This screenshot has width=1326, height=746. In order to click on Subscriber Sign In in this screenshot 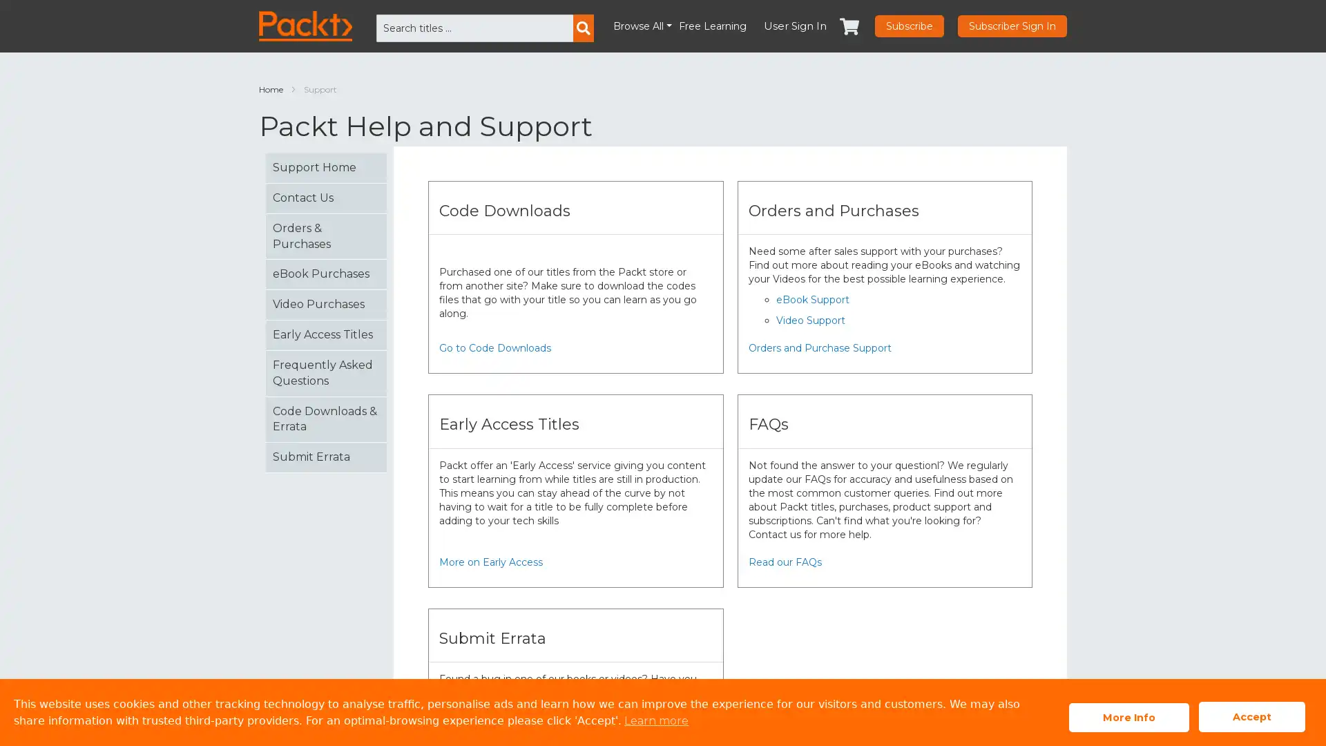, I will do `click(1012, 26)`.